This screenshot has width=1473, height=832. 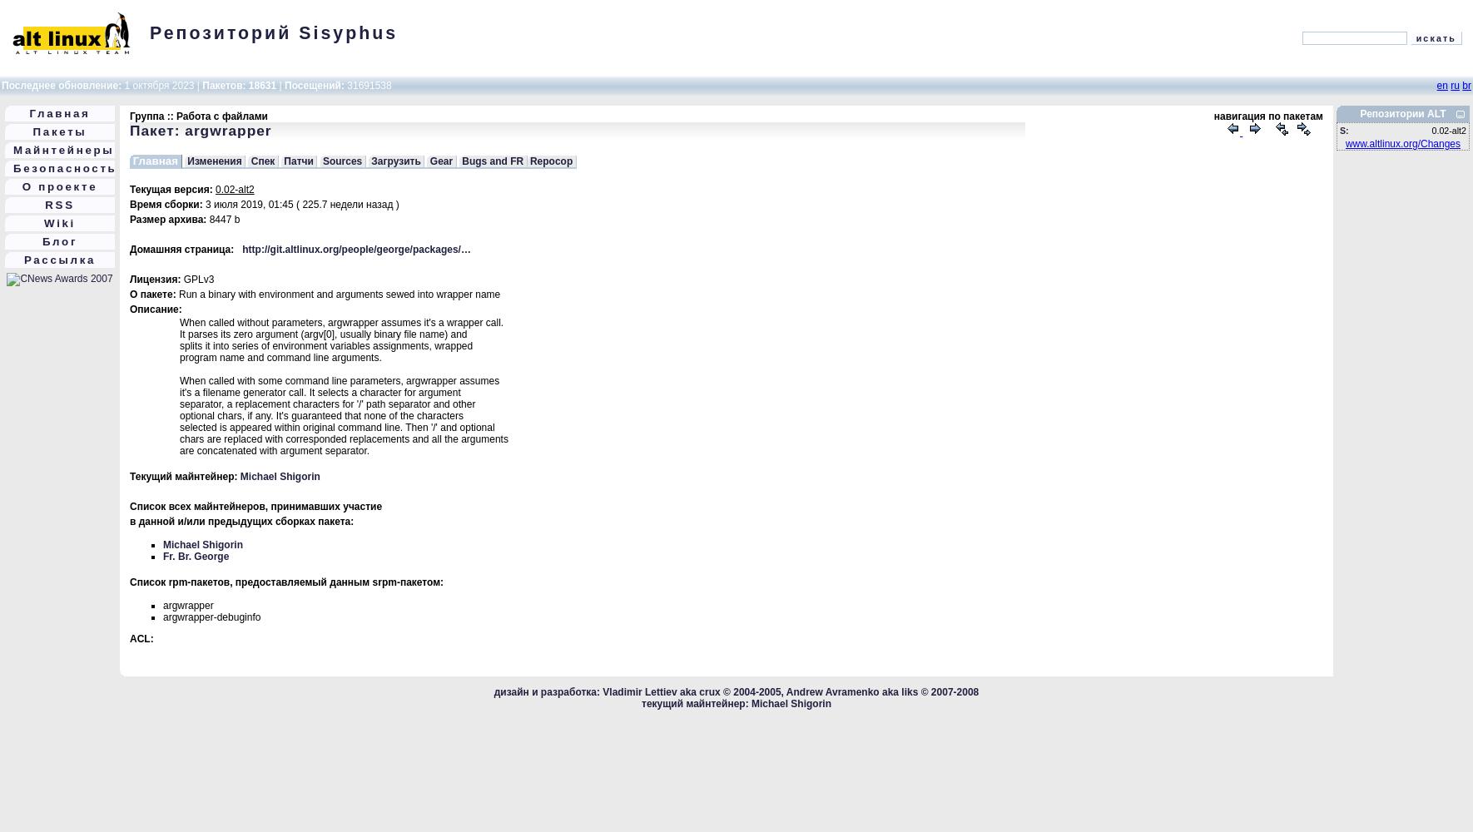 I want to click on 'Fr. Br. George', so click(x=196, y=556).